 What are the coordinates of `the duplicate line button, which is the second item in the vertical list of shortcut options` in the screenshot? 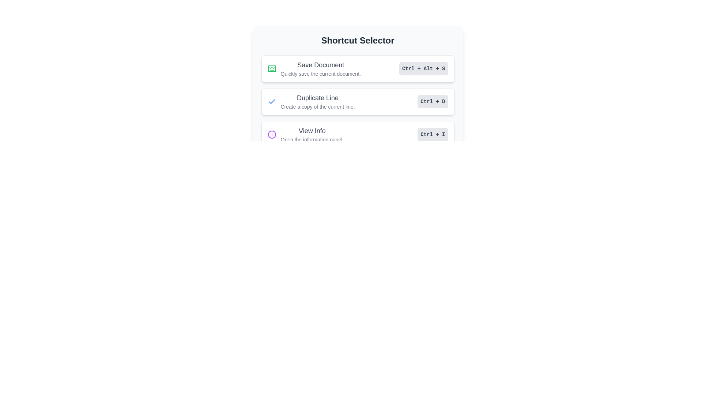 It's located at (358, 101).